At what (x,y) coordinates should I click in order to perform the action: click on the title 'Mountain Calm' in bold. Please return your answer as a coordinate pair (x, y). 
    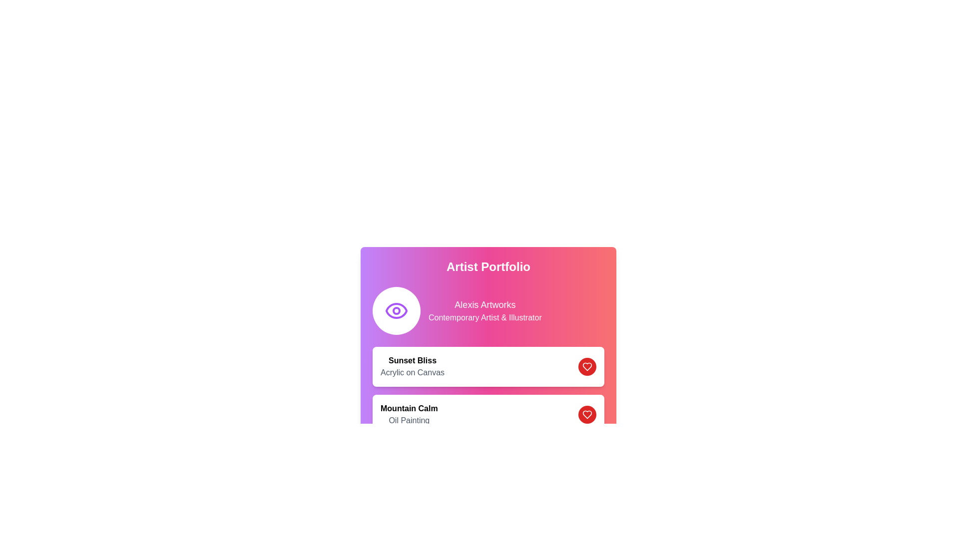
    Looking at the image, I should click on (488, 414).